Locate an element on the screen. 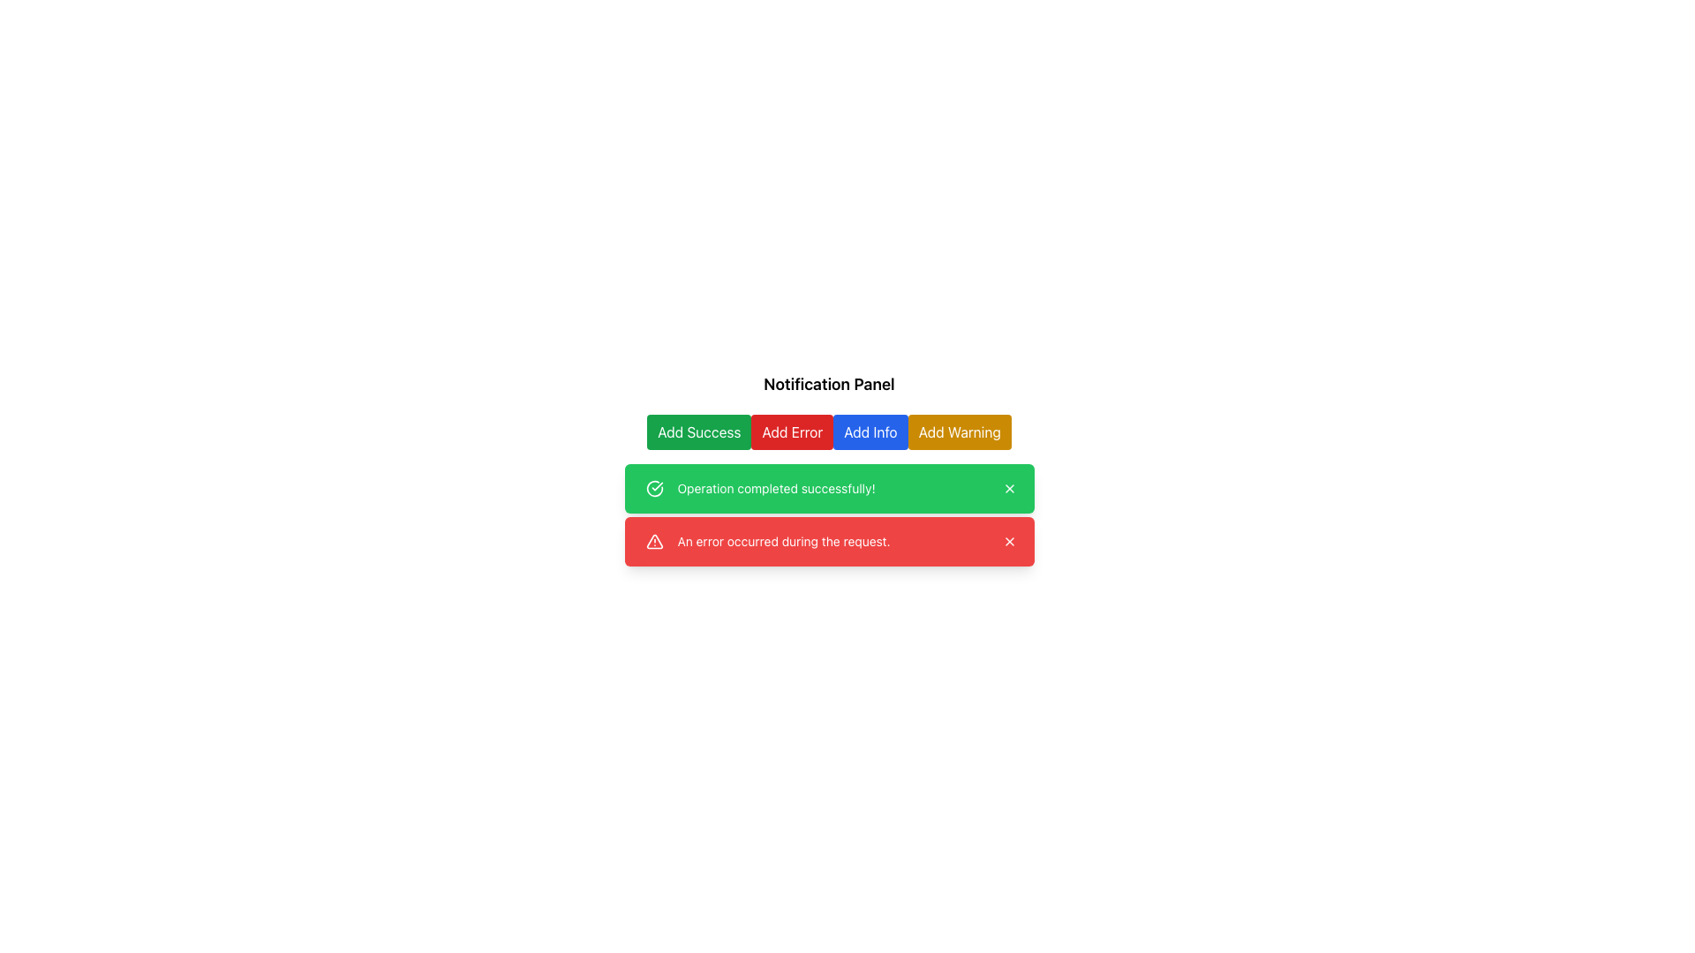  the first button in the horizontal group under the 'Notification Panel' label is located at coordinates (698, 431).